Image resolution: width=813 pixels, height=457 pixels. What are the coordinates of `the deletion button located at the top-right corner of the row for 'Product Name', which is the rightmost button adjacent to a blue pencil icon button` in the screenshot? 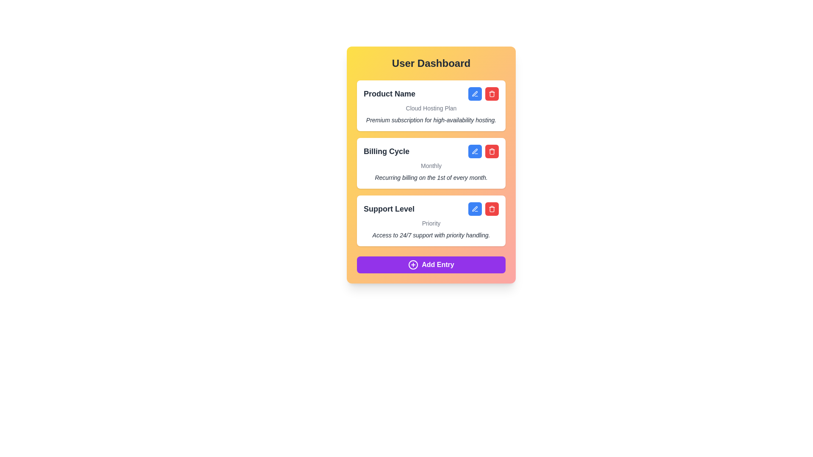 It's located at (492, 94).